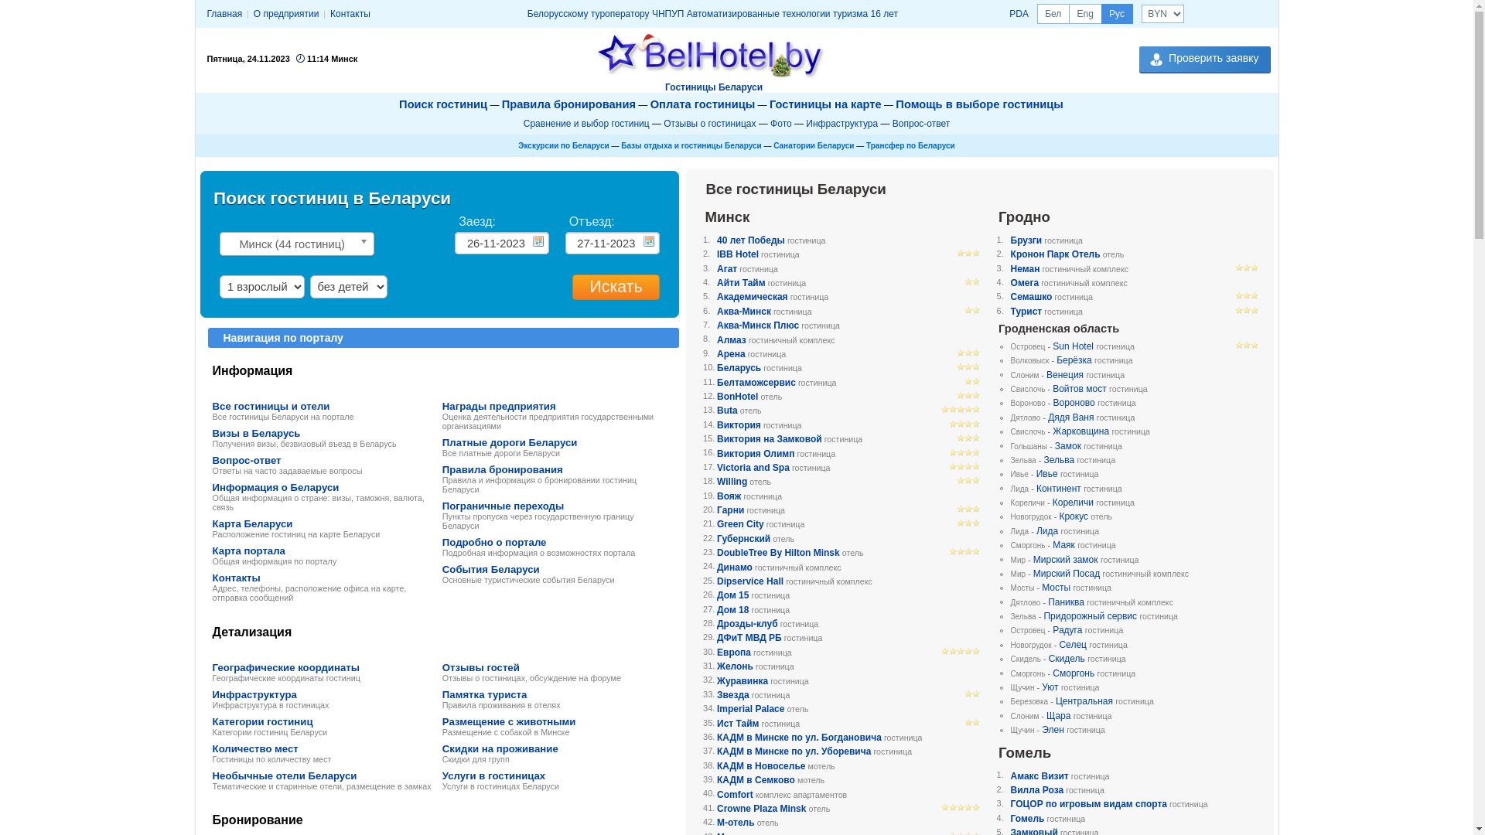  I want to click on 'Sun Hotel', so click(1073, 345).